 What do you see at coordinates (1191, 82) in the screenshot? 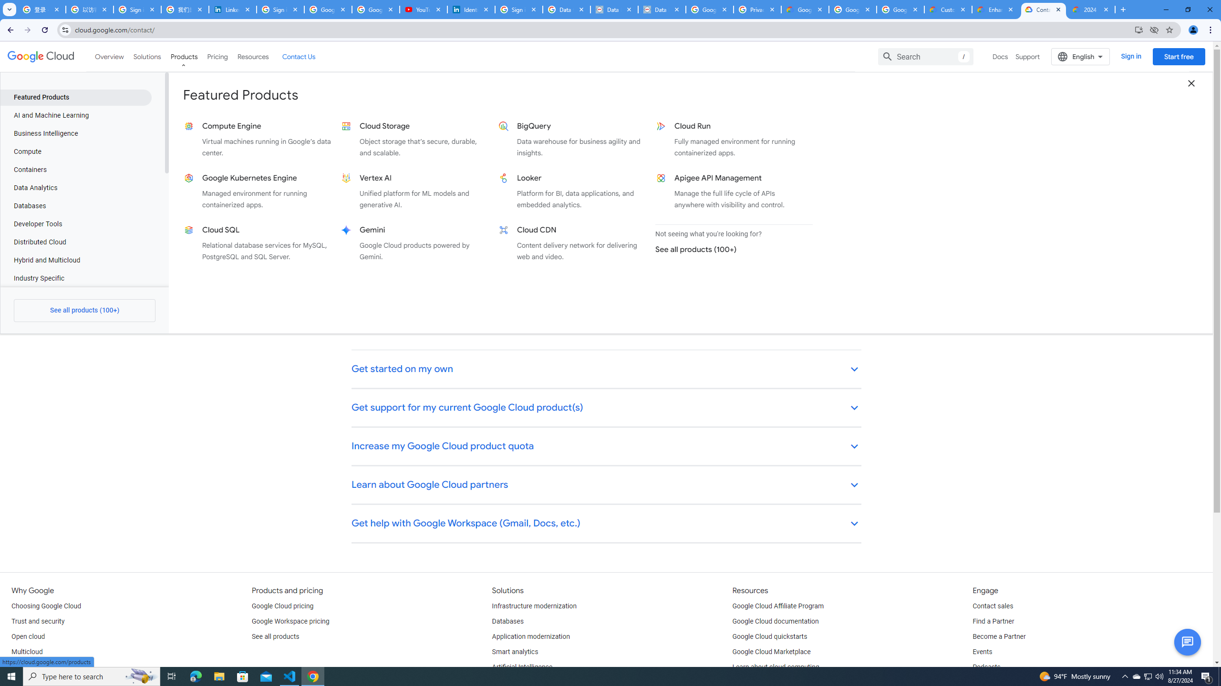
I see `'Close dropdown menu'` at bounding box center [1191, 82].